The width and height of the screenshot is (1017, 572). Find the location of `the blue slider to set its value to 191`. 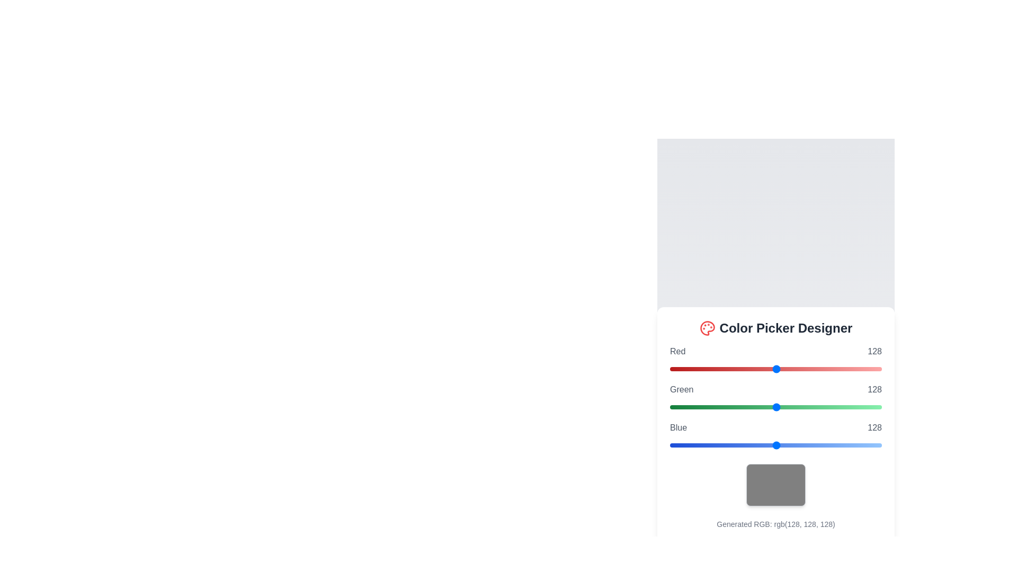

the blue slider to set its value to 191 is located at coordinates (828, 445).